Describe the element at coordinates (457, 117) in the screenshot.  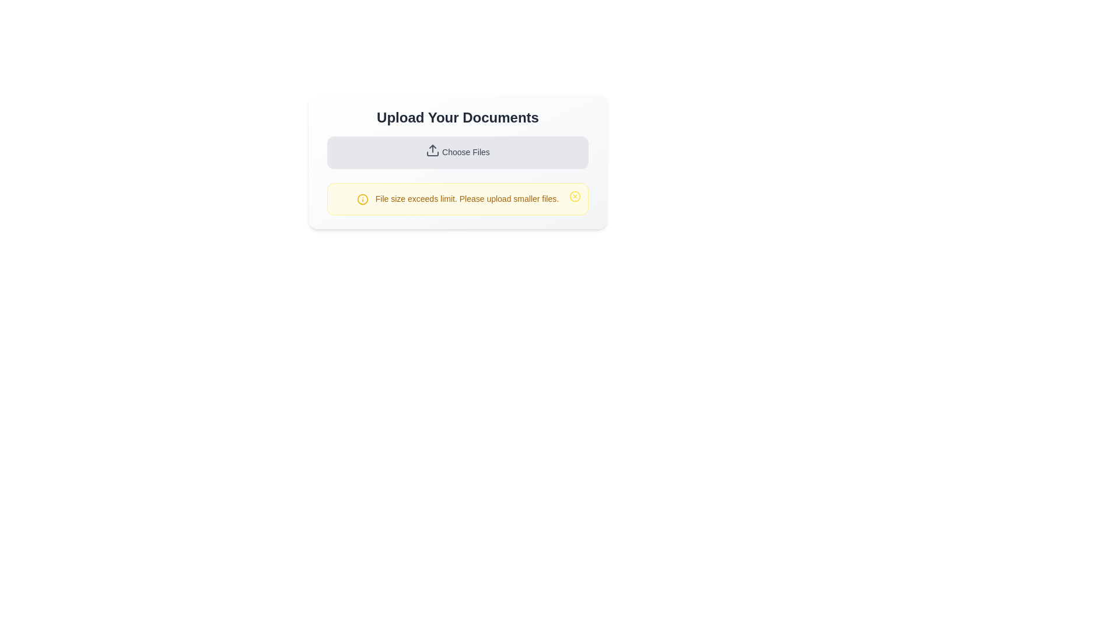
I see `the Text Label that serves as a title for the document upload section, positioned directly above the 'Choose Files' button` at that location.